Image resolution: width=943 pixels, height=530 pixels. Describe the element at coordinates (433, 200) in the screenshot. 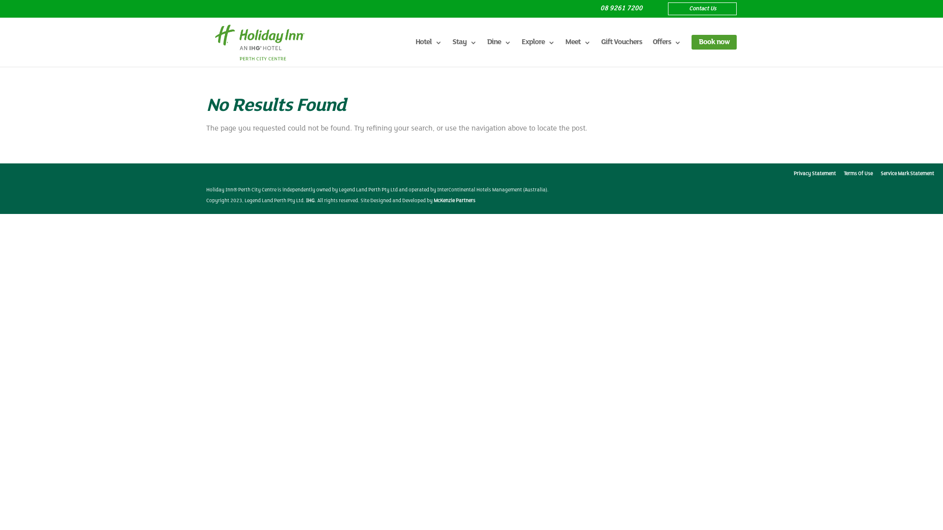

I see `'McKenzie Partners'` at that location.